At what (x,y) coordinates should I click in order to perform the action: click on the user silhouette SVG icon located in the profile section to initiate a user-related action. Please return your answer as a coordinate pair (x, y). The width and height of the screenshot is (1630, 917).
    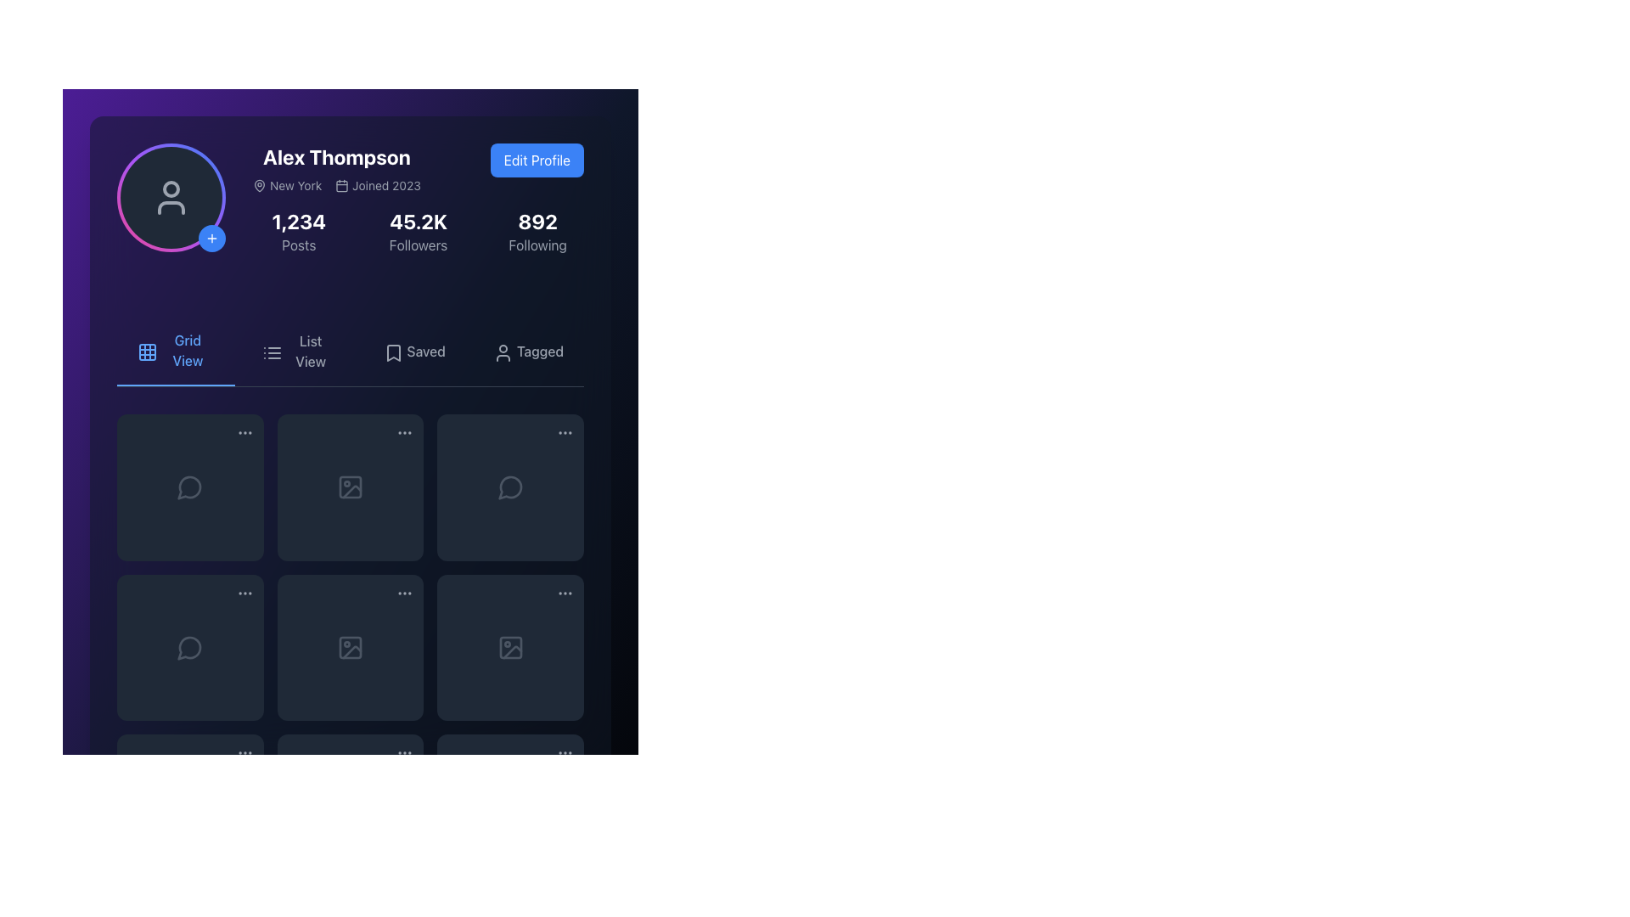
    Looking at the image, I should click on (171, 196).